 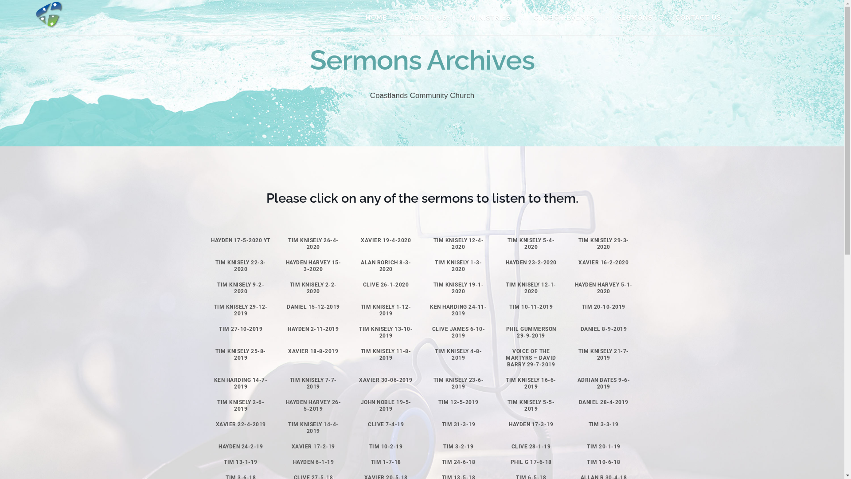 I want to click on 'HOME', so click(x=380, y=17).